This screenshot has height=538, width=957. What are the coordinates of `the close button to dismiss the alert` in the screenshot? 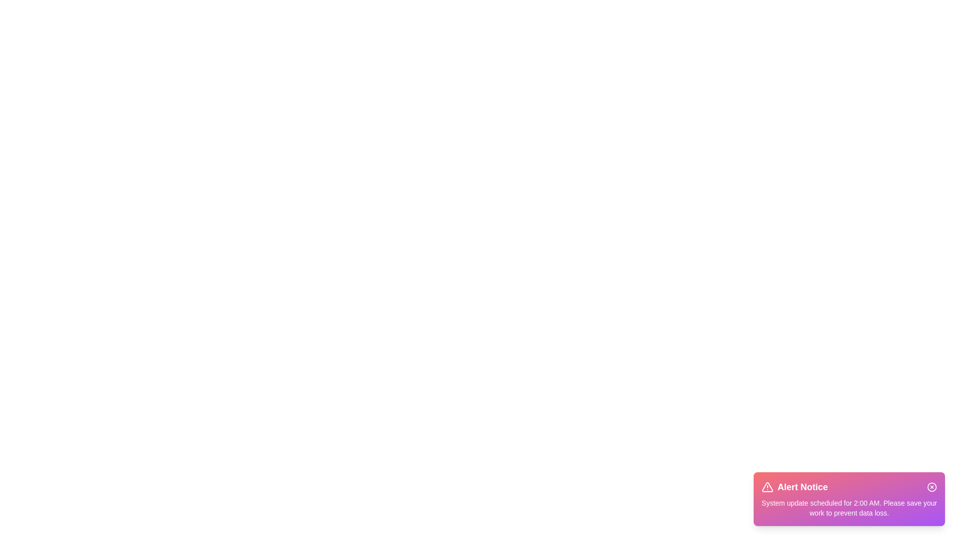 It's located at (932, 487).